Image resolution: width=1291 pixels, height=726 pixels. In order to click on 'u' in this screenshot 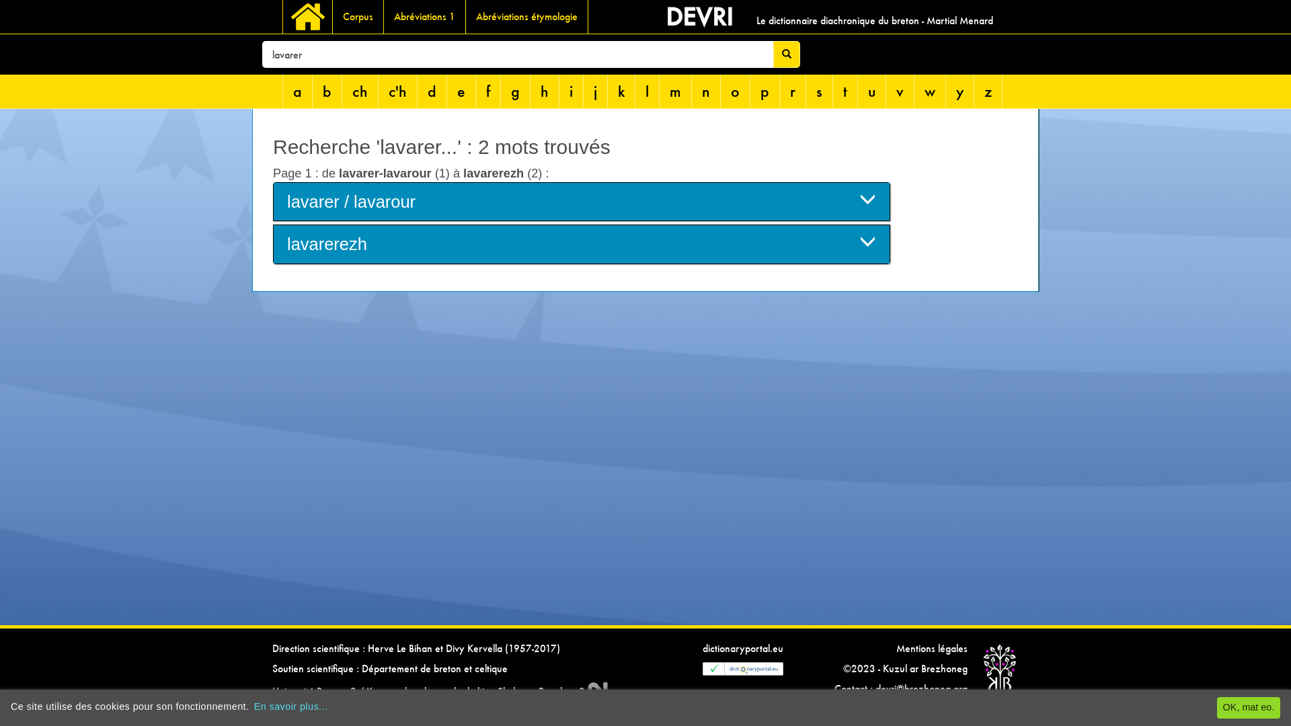, I will do `click(871, 91)`.